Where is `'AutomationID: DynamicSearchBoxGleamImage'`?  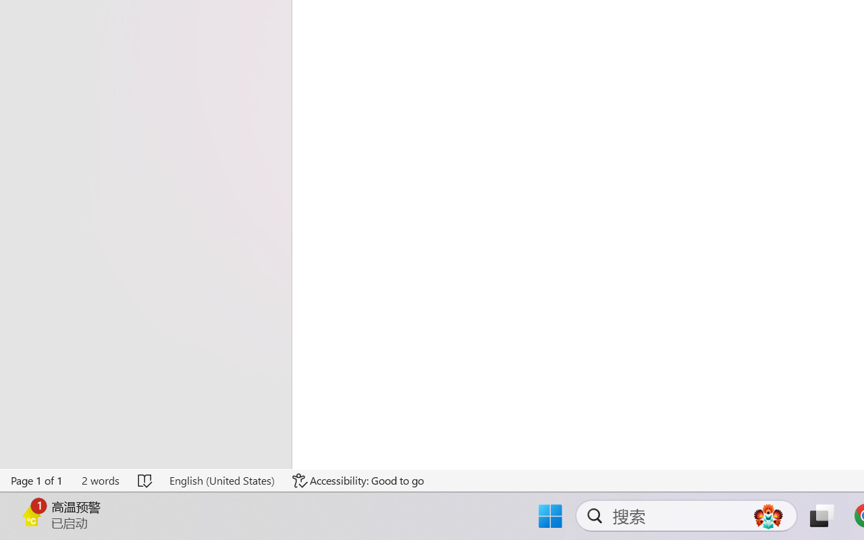 'AutomationID: DynamicSearchBoxGleamImage' is located at coordinates (768, 516).